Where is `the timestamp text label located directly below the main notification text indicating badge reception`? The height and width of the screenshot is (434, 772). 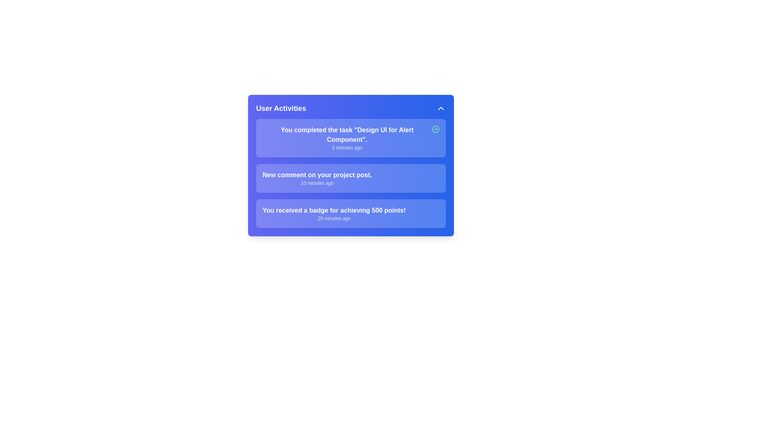
the timestamp text label located directly below the main notification text indicating badge reception is located at coordinates (334, 218).